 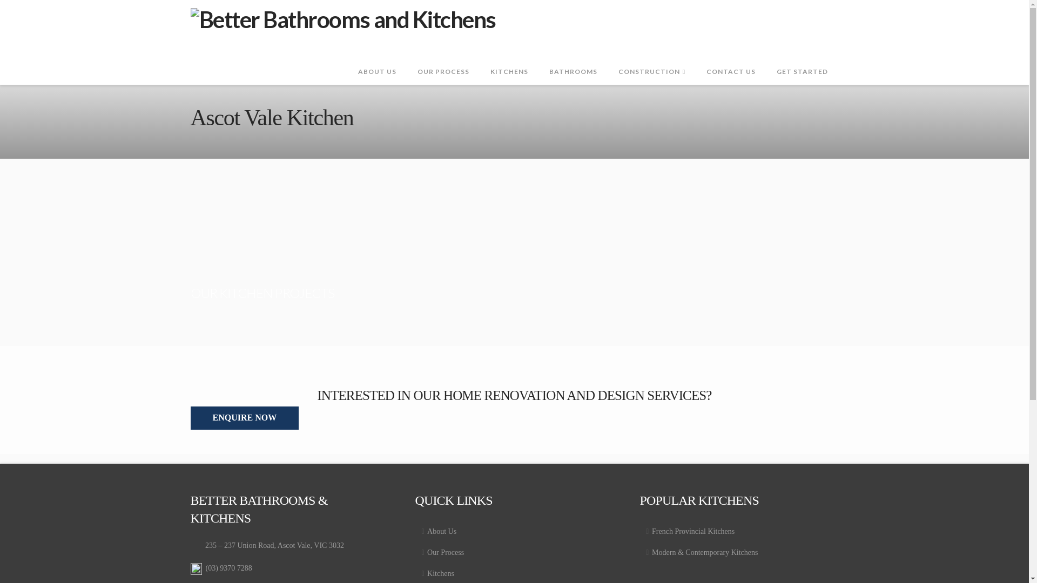 What do you see at coordinates (731, 60) in the screenshot?
I see `'CONTACT US'` at bounding box center [731, 60].